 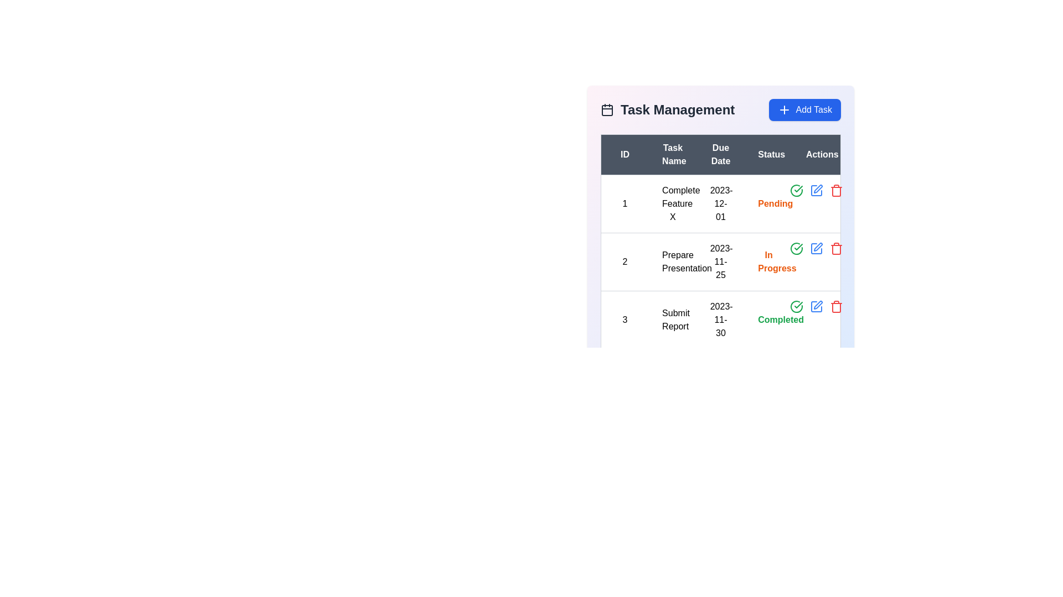 What do you see at coordinates (607, 110) in the screenshot?
I see `the calendar icon, which is a rounded square frame with a calendar-like grid, located to the left of the 'Task Management' text` at bounding box center [607, 110].